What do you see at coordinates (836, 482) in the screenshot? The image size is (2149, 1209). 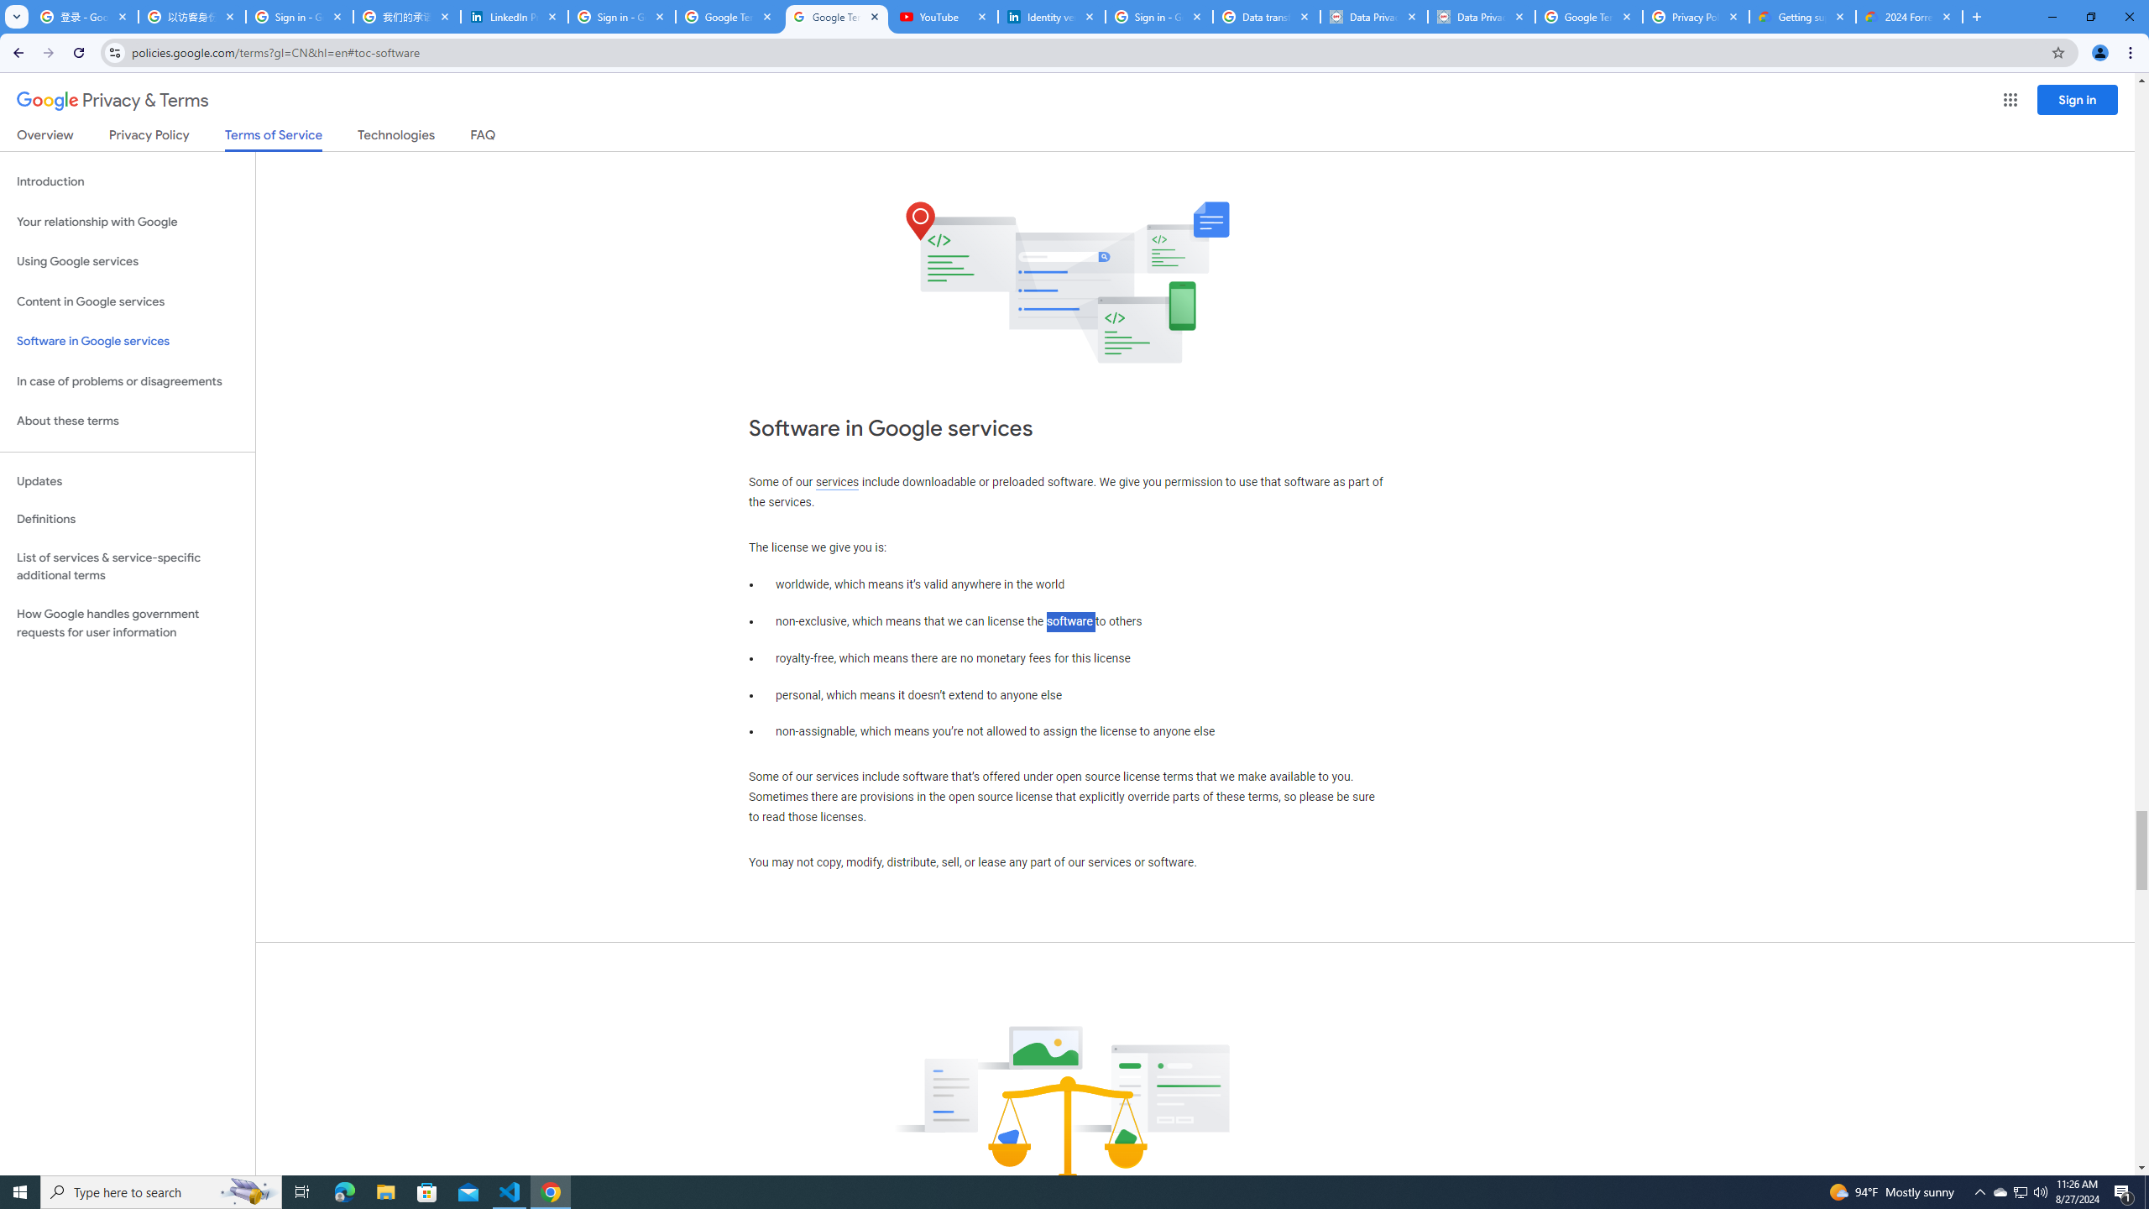 I see `'services'` at bounding box center [836, 482].